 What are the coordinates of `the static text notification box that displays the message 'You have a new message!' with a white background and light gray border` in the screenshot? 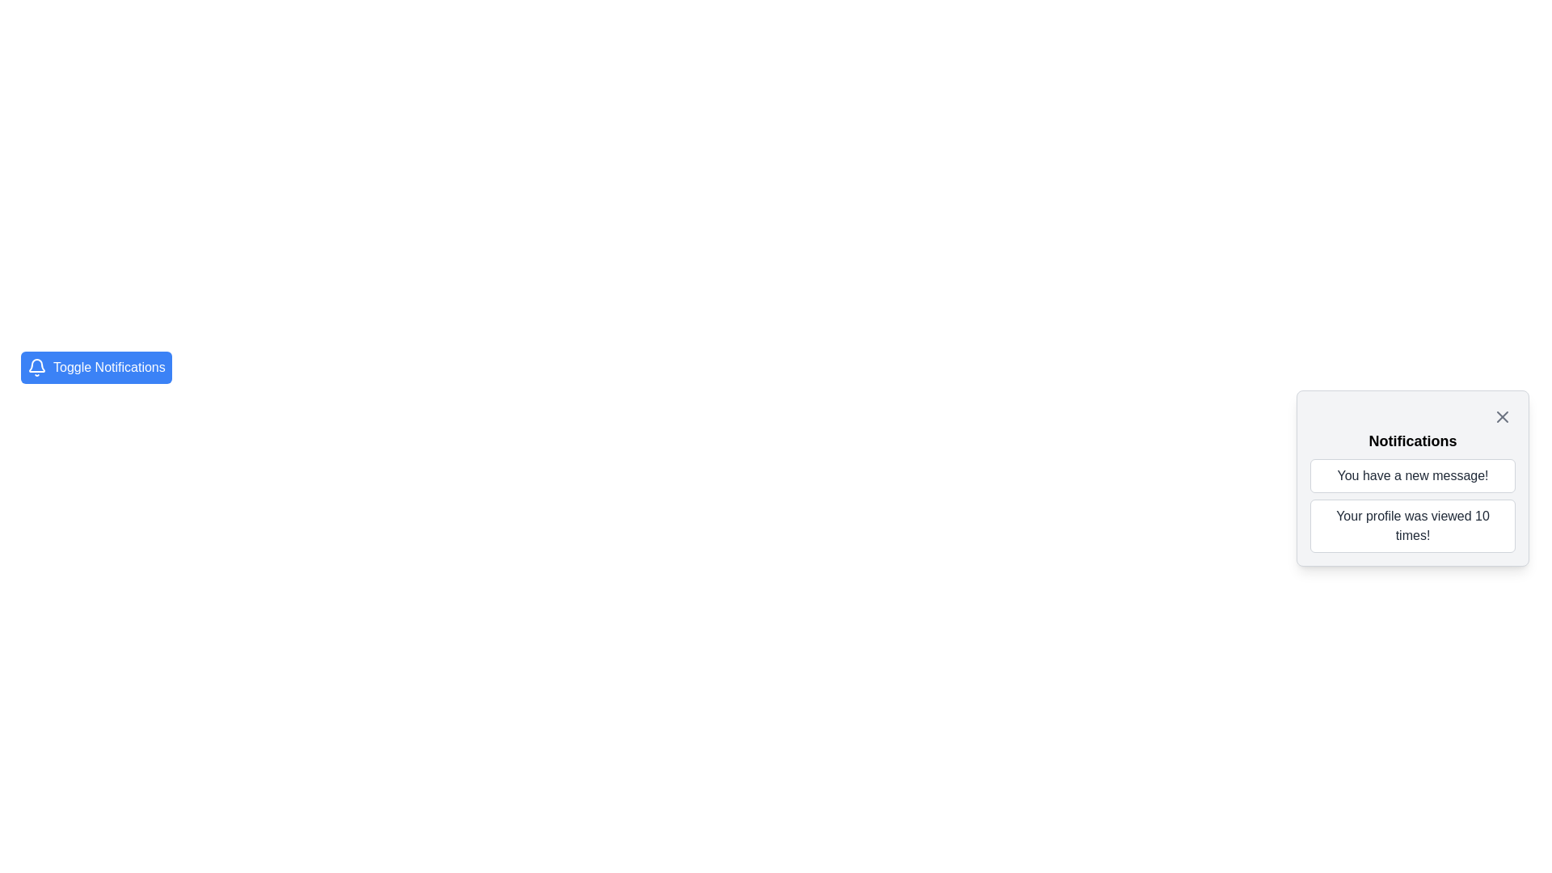 It's located at (1411, 475).